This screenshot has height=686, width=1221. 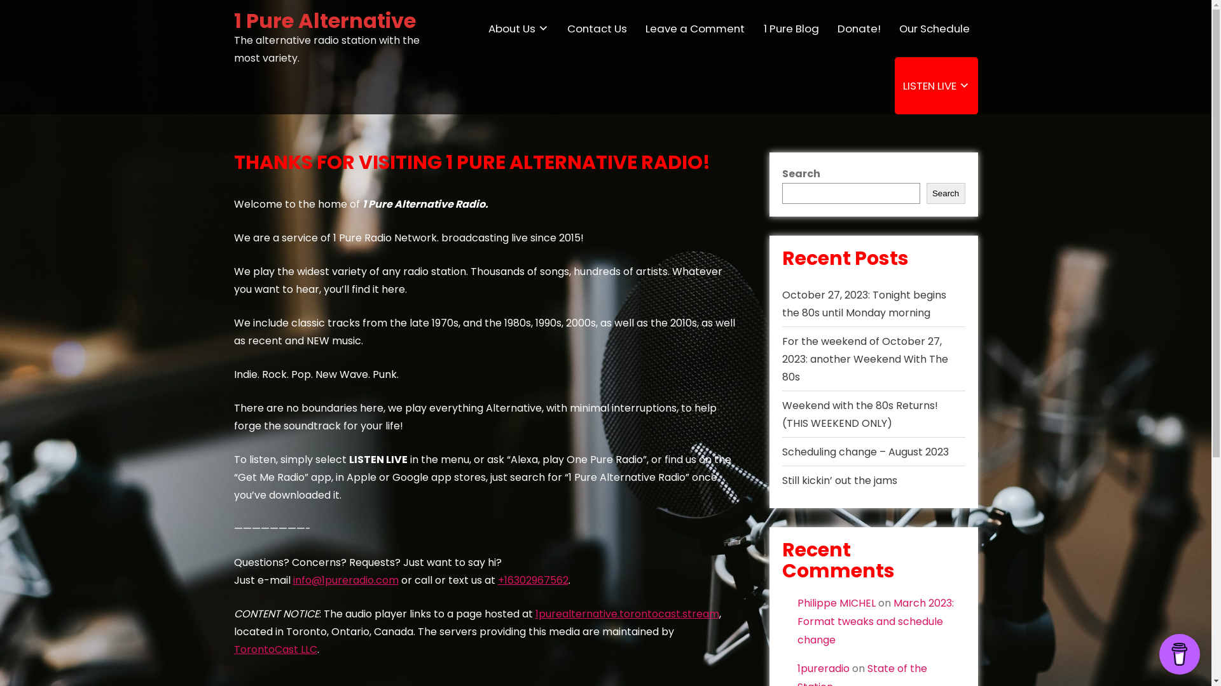 What do you see at coordinates (497, 580) in the screenshot?
I see `'+16302967562'` at bounding box center [497, 580].